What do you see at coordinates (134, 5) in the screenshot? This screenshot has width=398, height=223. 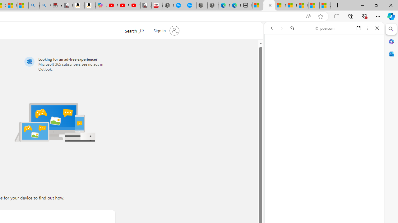 I see `'YouTube Kids - An App Created for Kids to Explore Content'` at bounding box center [134, 5].